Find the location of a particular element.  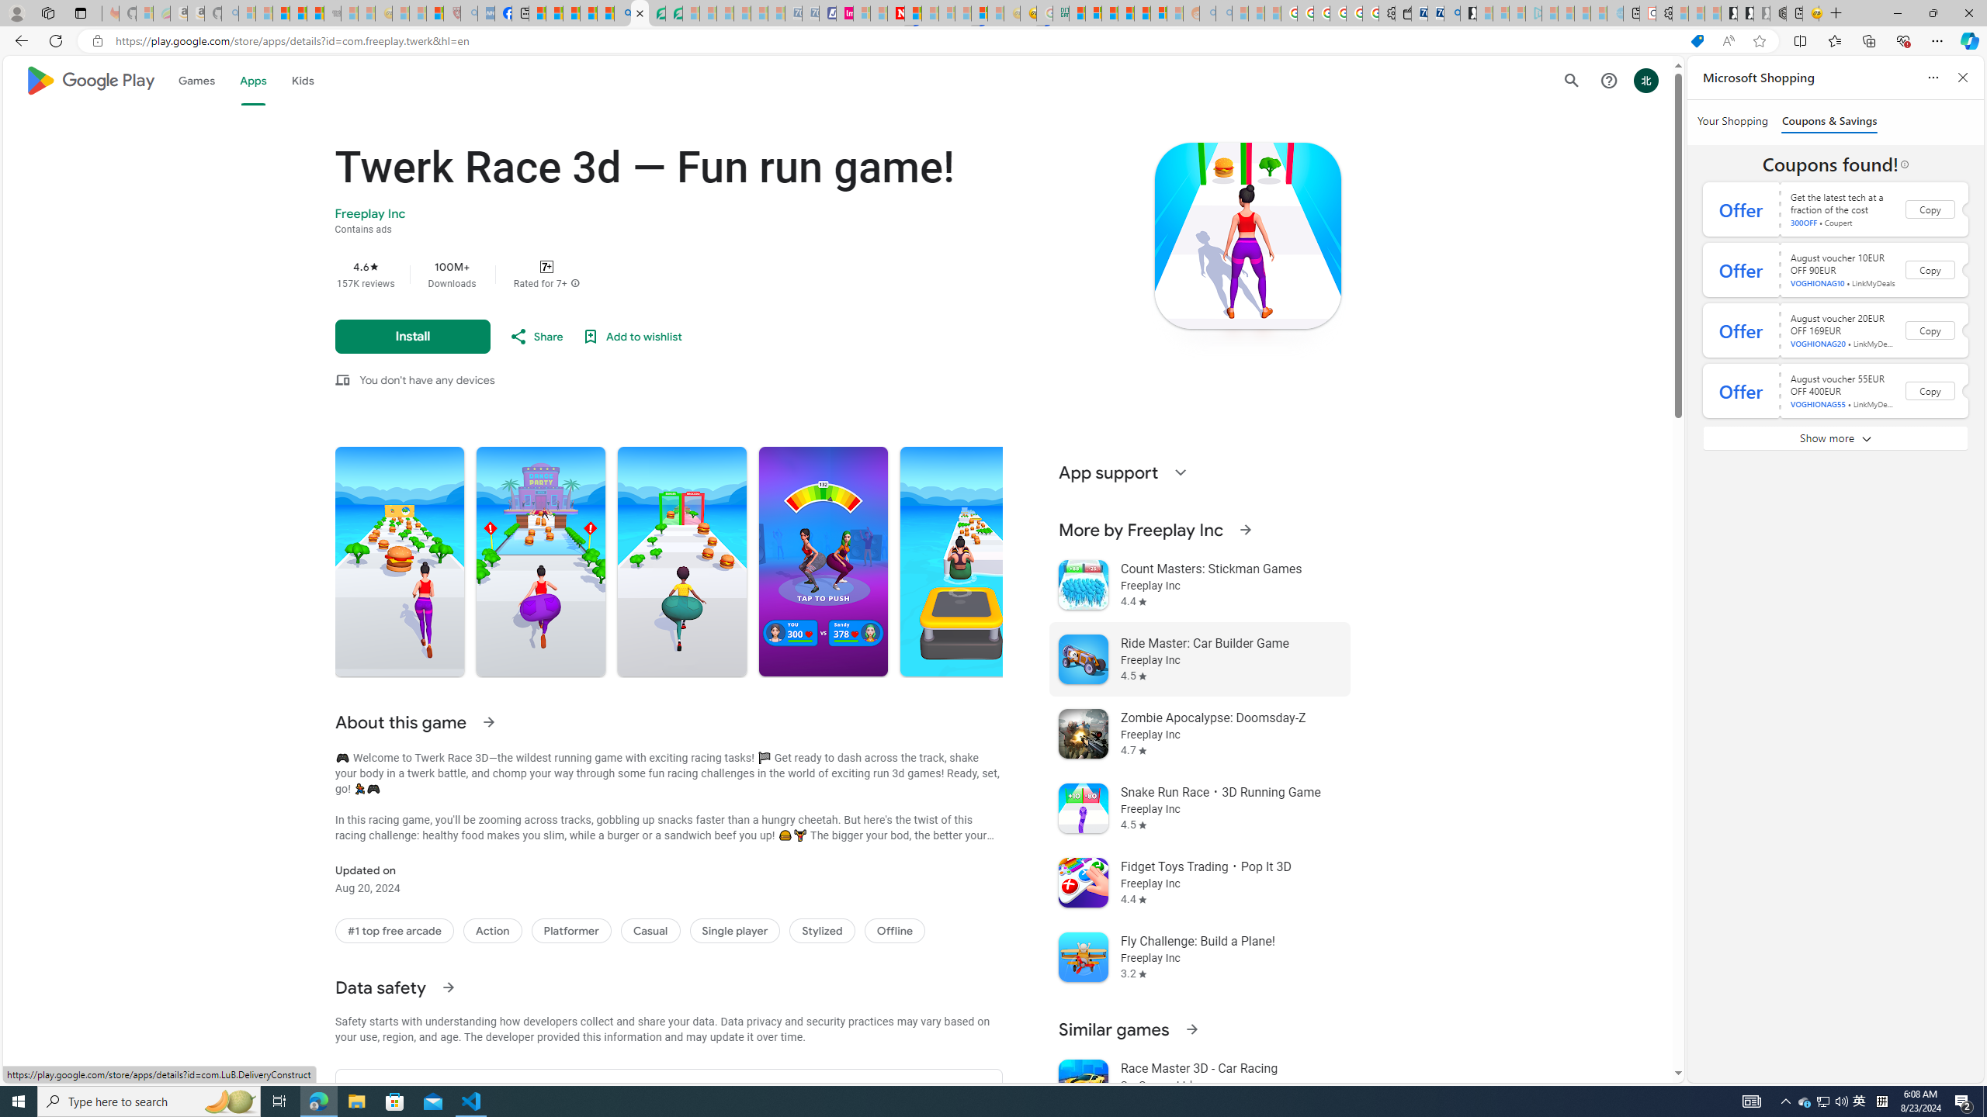

'More info about this content rating' is located at coordinates (575, 282).